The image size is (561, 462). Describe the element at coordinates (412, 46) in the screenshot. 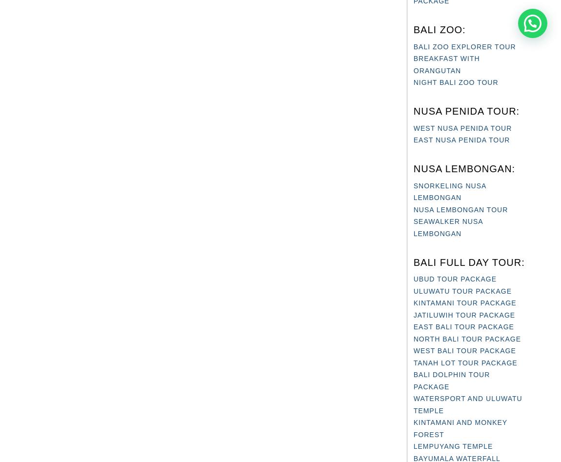

I see `'BALI ZOO EXPLORER TOUR'` at that location.